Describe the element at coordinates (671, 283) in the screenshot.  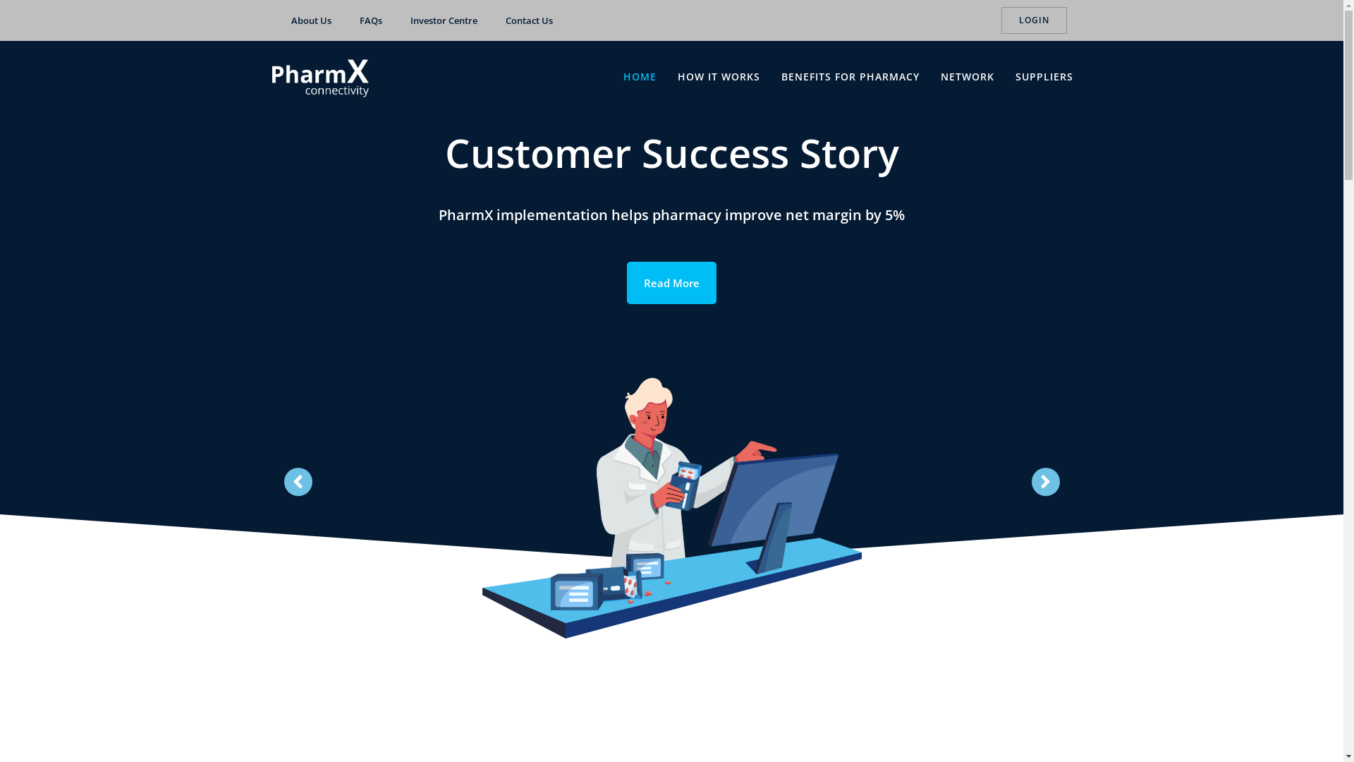
I see `'Read More'` at that location.